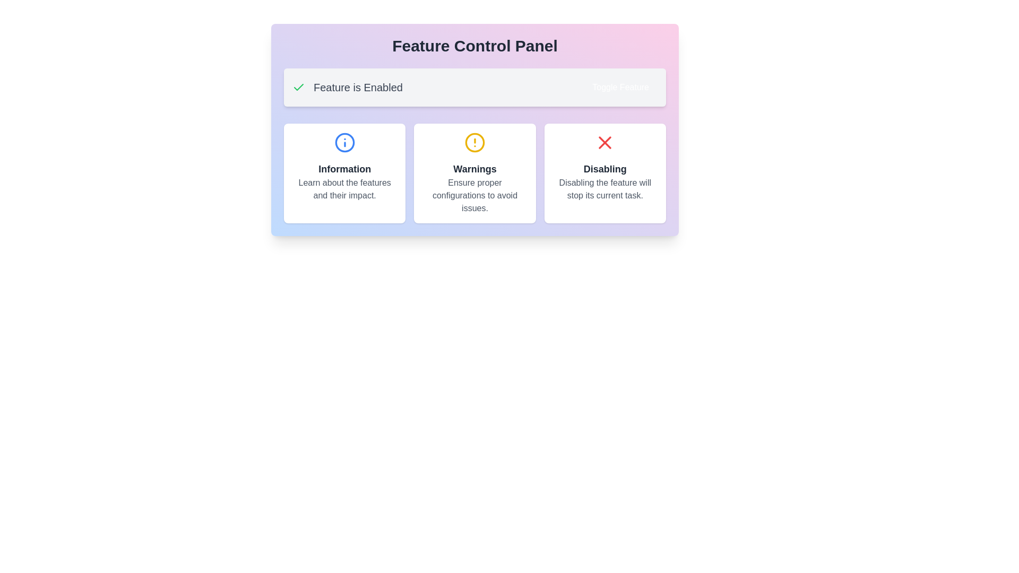 Image resolution: width=1019 pixels, height=573 pixels. What do you see at coordinates (344, 169) in the screenshot?
I see `the bold and large-sized text labeled 'Information', which is dark gray and styled prominently as a title, located in the leftmost block of three horizontally aligned sections` at bounding box center [344, 169].